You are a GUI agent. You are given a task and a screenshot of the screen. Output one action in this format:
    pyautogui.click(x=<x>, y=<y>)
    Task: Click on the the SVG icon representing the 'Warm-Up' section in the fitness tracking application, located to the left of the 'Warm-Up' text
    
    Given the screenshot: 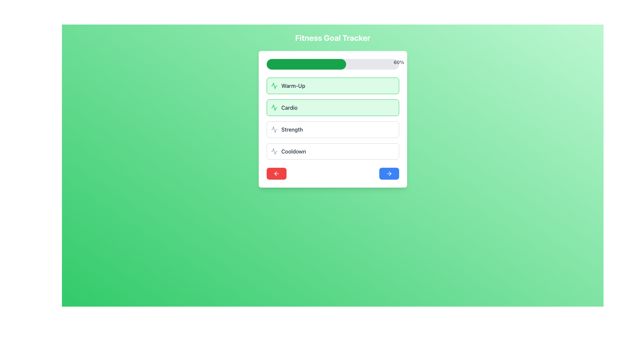 What is the action you would take?
    pyautogui.click(x=274, y=85)
    